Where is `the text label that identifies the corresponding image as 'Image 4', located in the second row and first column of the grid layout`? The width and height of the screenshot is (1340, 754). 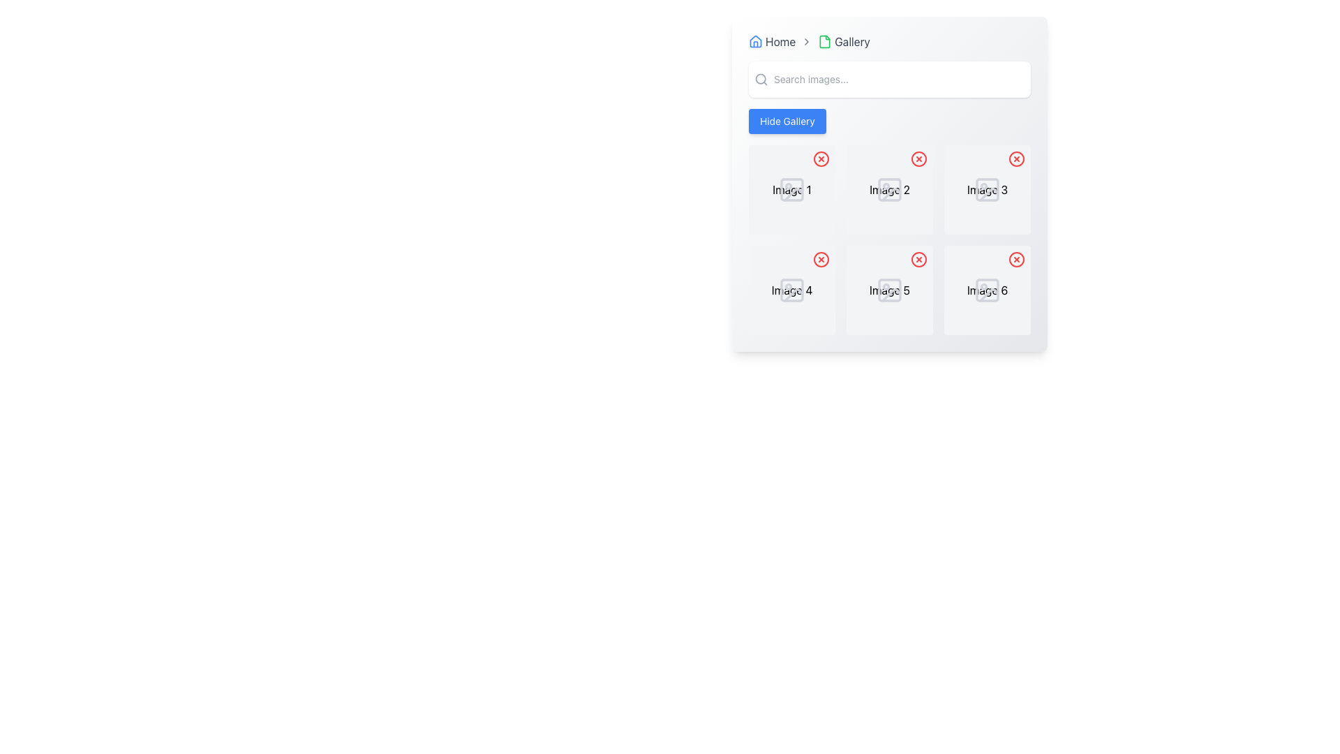
the text label that identifies the corresponding image as 'Image 4', located in the second row and first column of the grid layout is located at coordinates (791, 290).